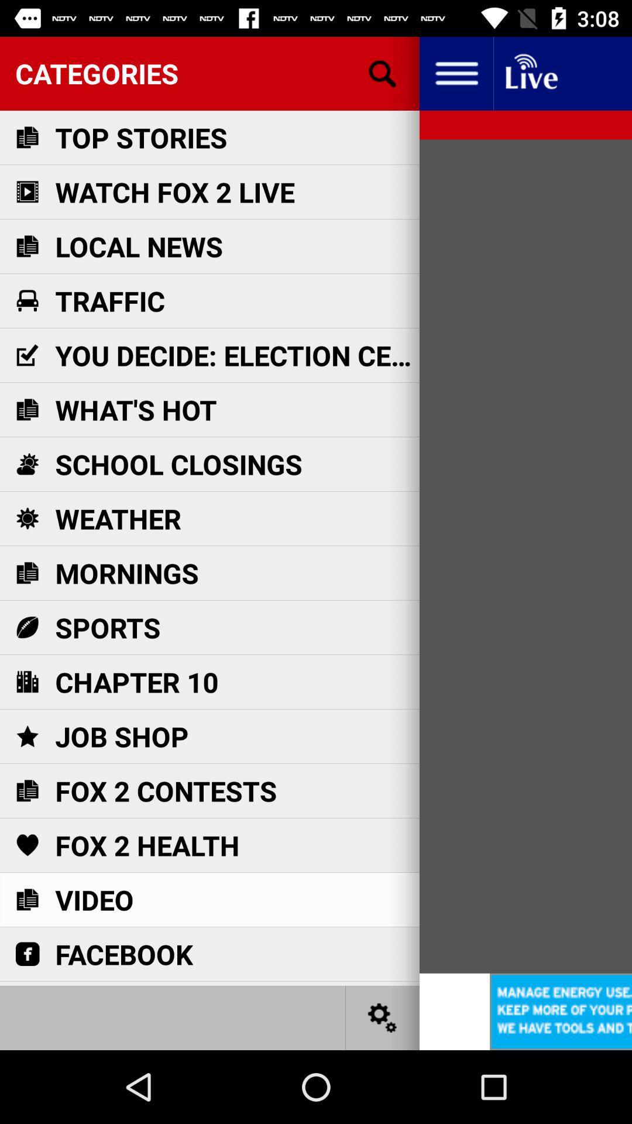  What do you see at coordinates (383, 73) in the screenshot?
I see `the search icon` at bounding box center [383, 73].